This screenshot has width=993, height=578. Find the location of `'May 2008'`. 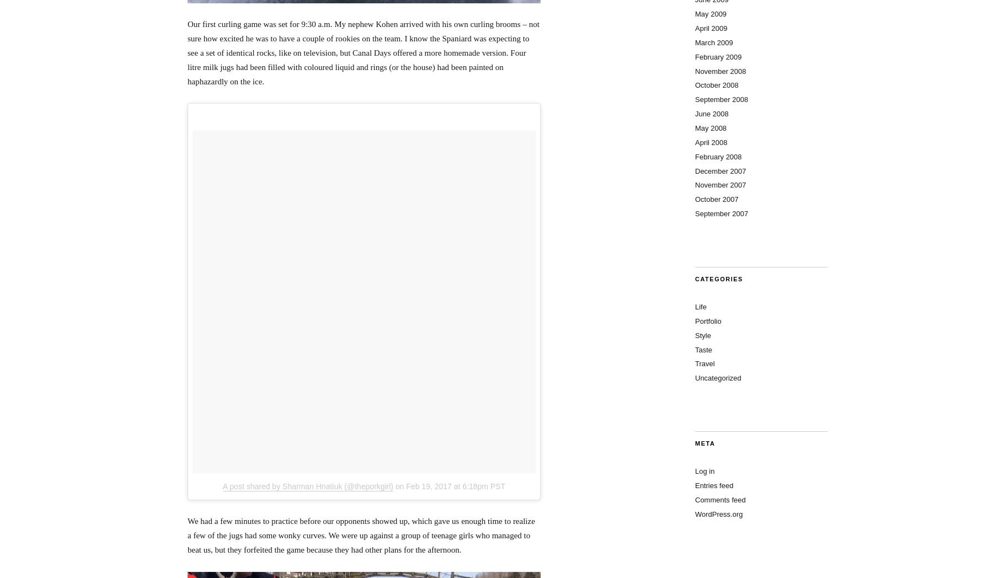

'May 2008' is located at coordinates (711, 127).